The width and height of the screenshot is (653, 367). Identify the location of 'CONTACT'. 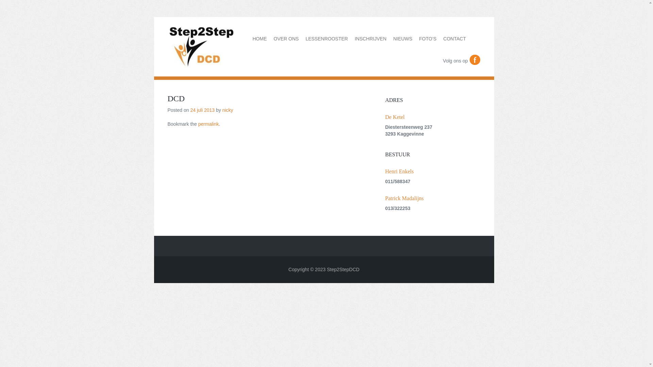
(454, 39).